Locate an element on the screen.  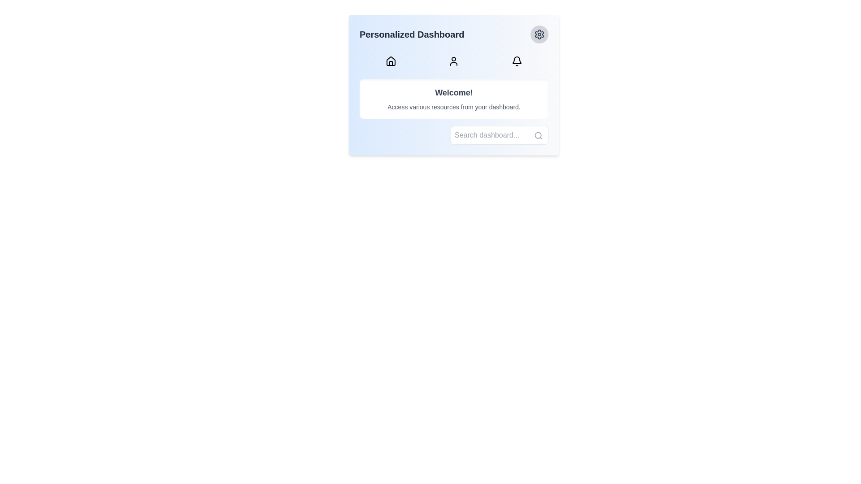
the interactive user icon button, which is the second in a group of three icons is located at coordinates (454, 61).